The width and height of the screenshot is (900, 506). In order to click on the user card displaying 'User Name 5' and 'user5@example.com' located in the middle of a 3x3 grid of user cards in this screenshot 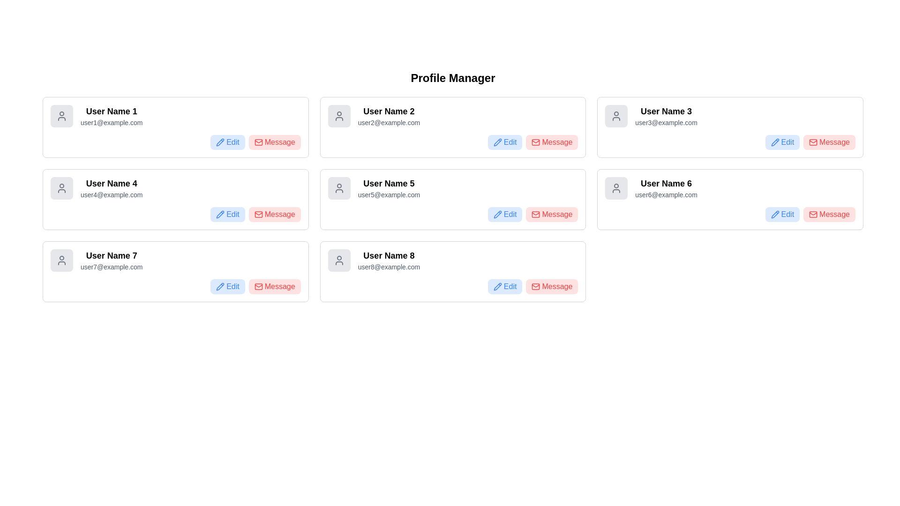, I will do `click(453, 188)`.